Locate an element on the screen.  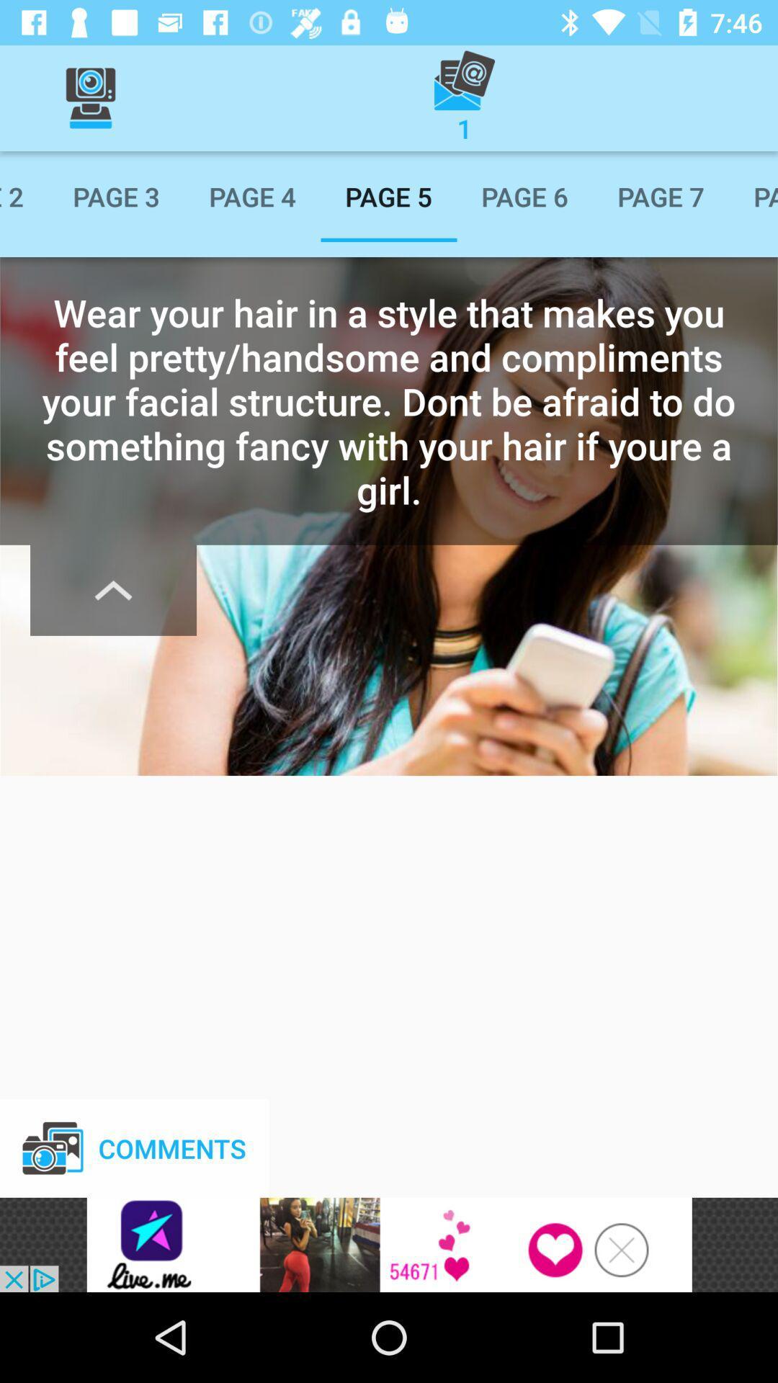
move up is located at coordinates (112, 590).